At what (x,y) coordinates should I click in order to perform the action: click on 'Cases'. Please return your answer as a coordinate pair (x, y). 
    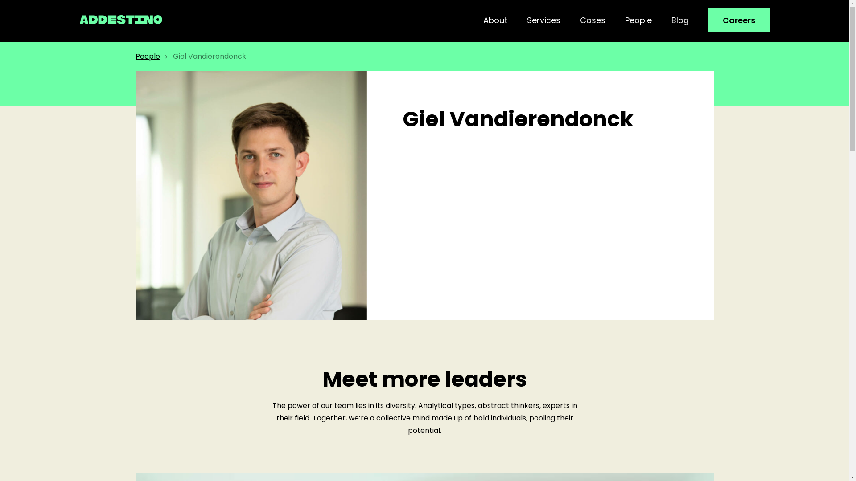
    Looking at the image, I should click on (580, 20).